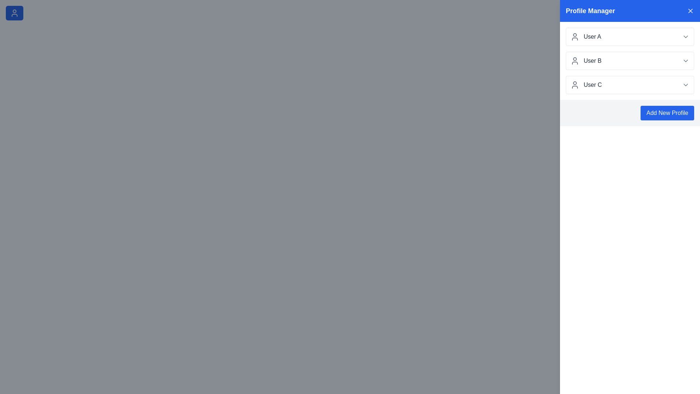  What do you see at coordinates (685, 84) in the screenshot?
I see `the chevron-down dropdown icon at the end of the 'User C' row` at bounding box center [685, 84].